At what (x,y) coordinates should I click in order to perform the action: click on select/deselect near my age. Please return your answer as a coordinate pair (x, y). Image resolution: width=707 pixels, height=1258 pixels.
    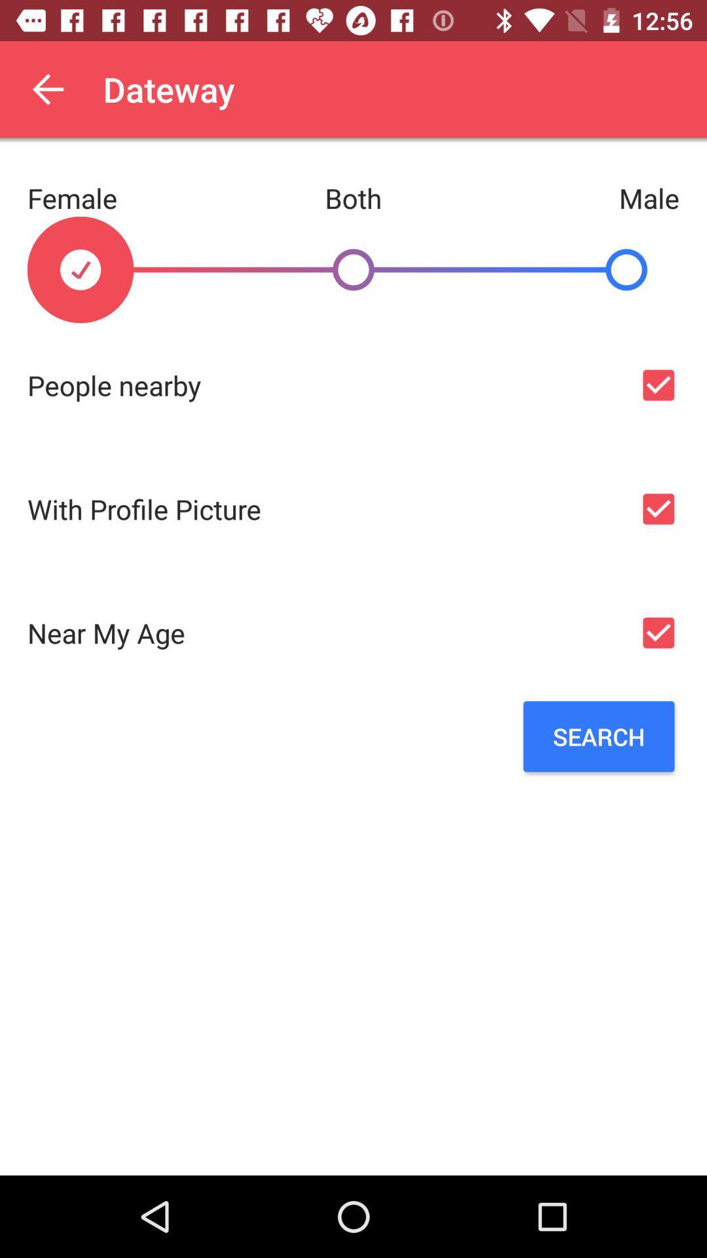
    Looking at the image, I should click on (658, 632).